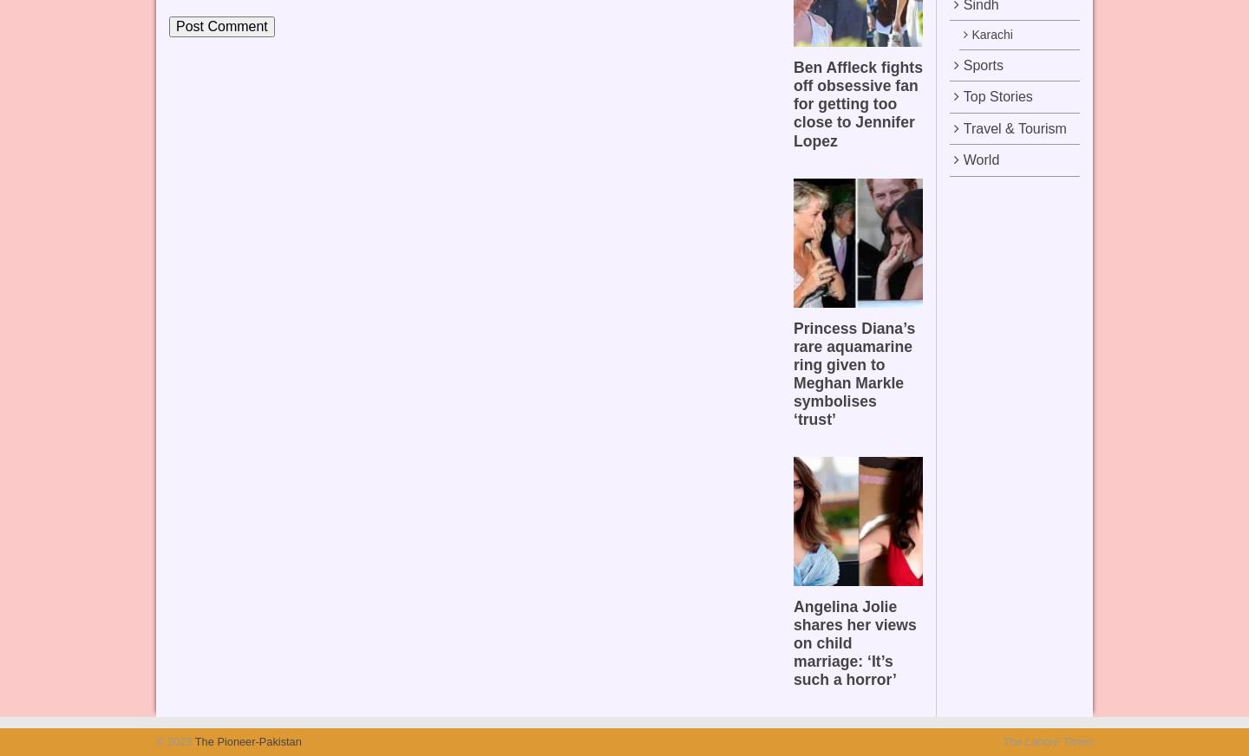  I want to click on 'The Lahore Times', so click(1047, 741).